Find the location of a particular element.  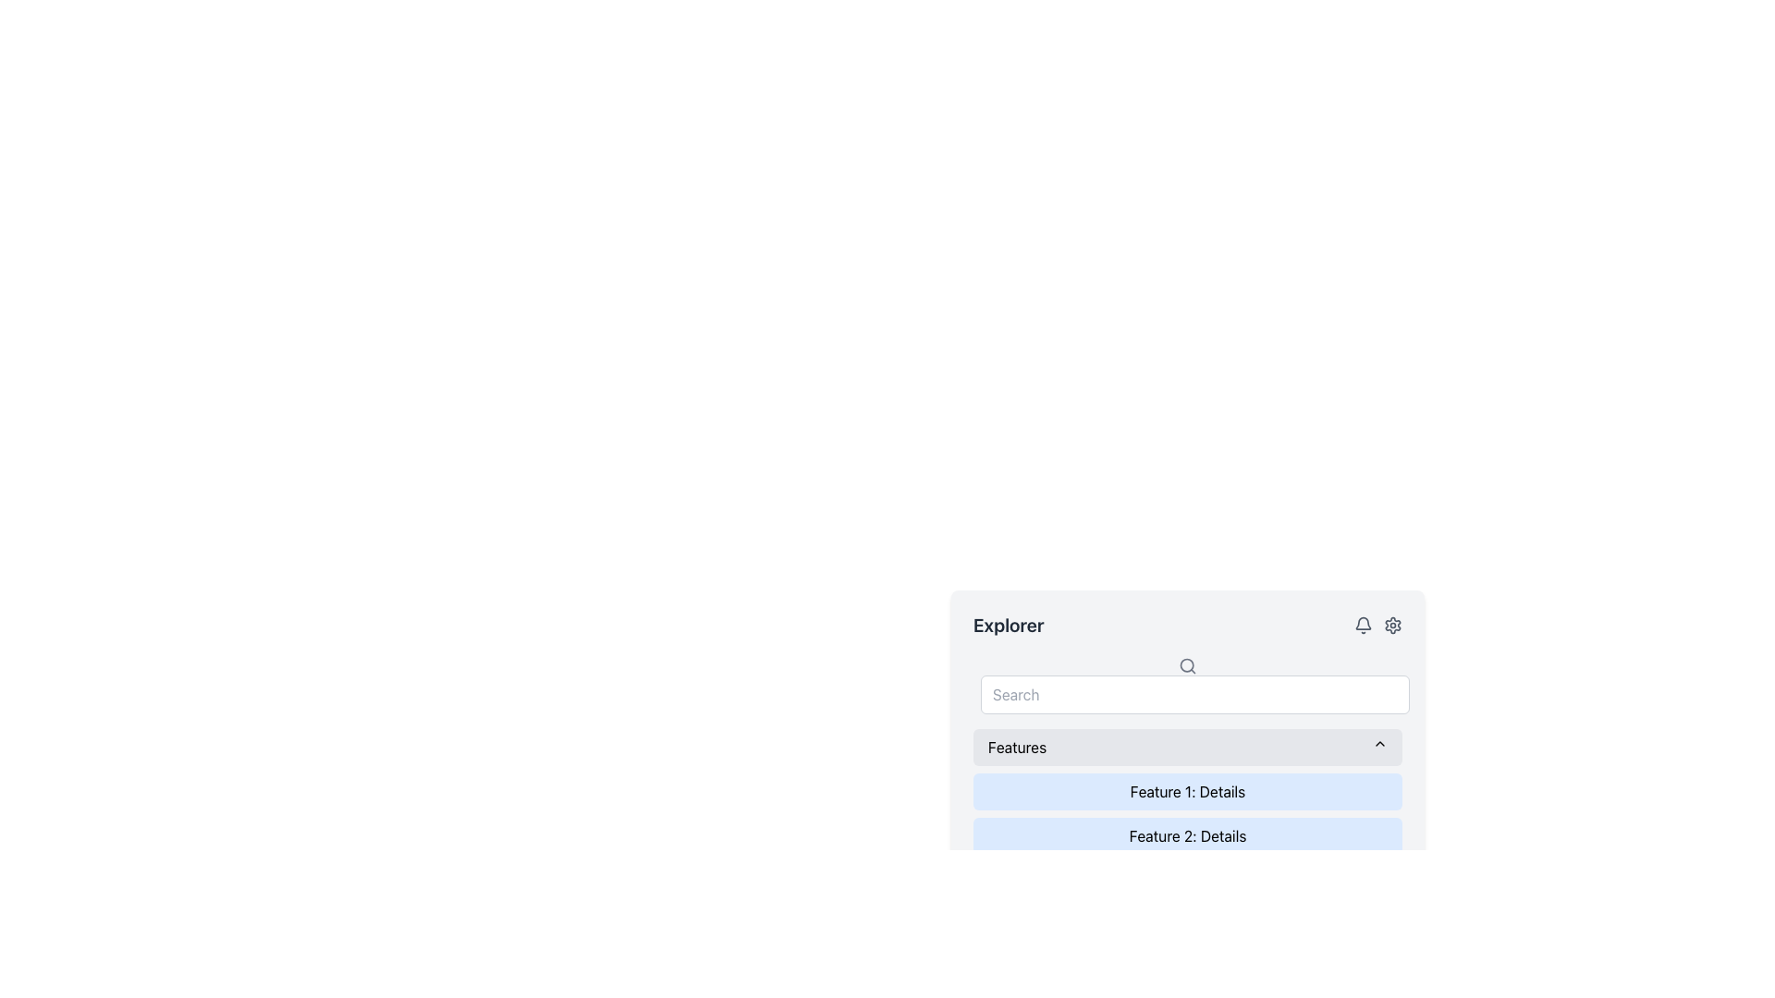

the text label displaying 'Explorer', which is styled with a bold, larger font in dark gray, located in the top-left corner of the header section is located at coordinates (1008, 625).